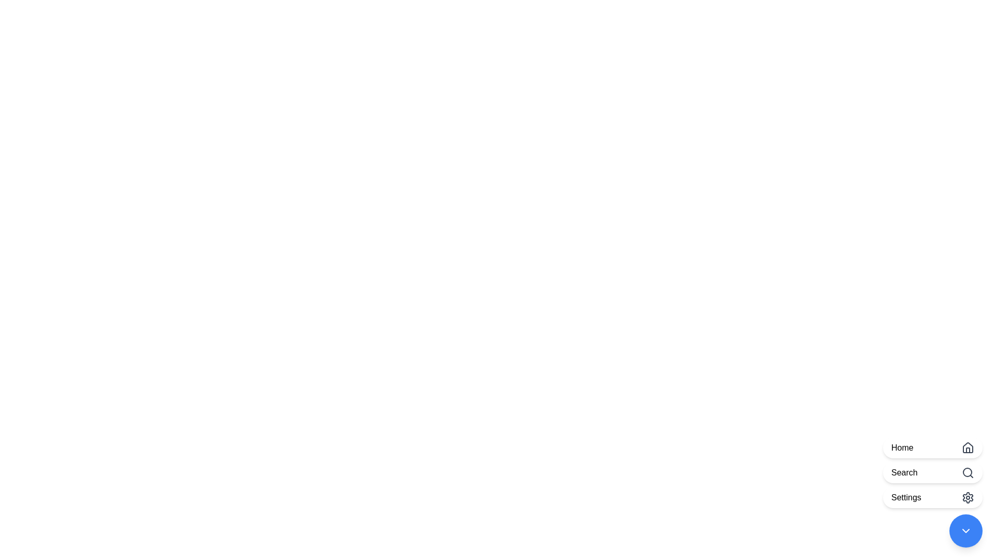 The image size is (995, 560). Describe the element at coordinates (904, 472) in the screenshot. I see `the 'Search' text label, which is written in black sans-serif font inside a white rounded rectangle, located in the second item of a vertical menu` at that location.